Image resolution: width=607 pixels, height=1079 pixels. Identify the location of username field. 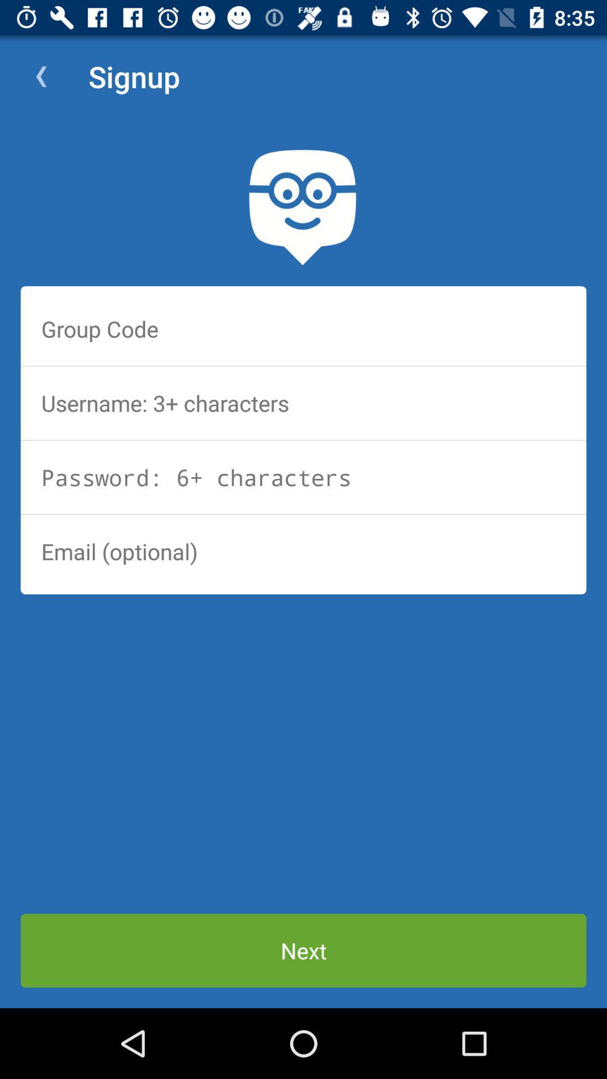
(303, 403).